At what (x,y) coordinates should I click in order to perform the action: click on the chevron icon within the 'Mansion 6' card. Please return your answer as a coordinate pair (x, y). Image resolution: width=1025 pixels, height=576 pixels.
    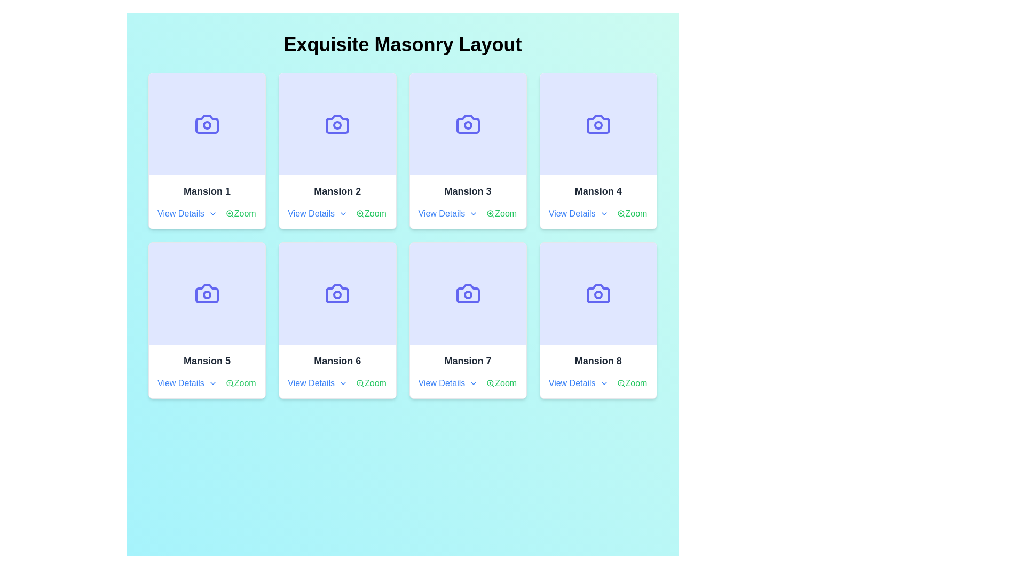
    Looking at the image, I should click on (337, 382).